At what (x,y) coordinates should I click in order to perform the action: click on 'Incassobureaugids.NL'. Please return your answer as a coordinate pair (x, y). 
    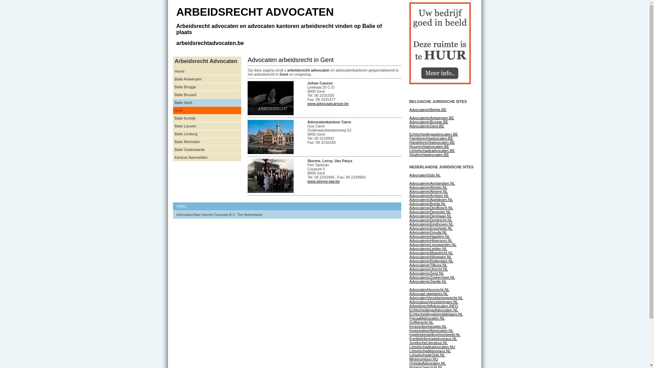
    Looking at the image, I should click on (427, 326).